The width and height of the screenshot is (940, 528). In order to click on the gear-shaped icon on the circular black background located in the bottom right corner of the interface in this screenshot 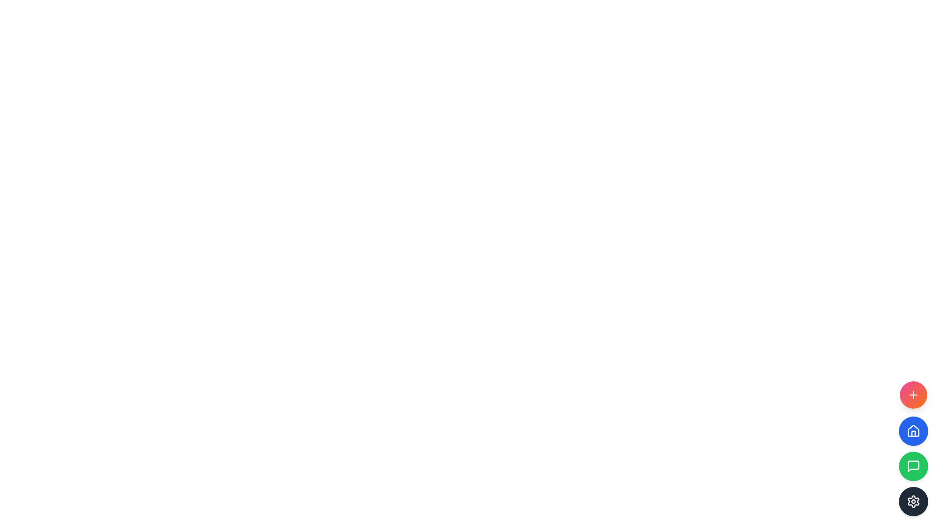, I will do `click(913, 502)`.